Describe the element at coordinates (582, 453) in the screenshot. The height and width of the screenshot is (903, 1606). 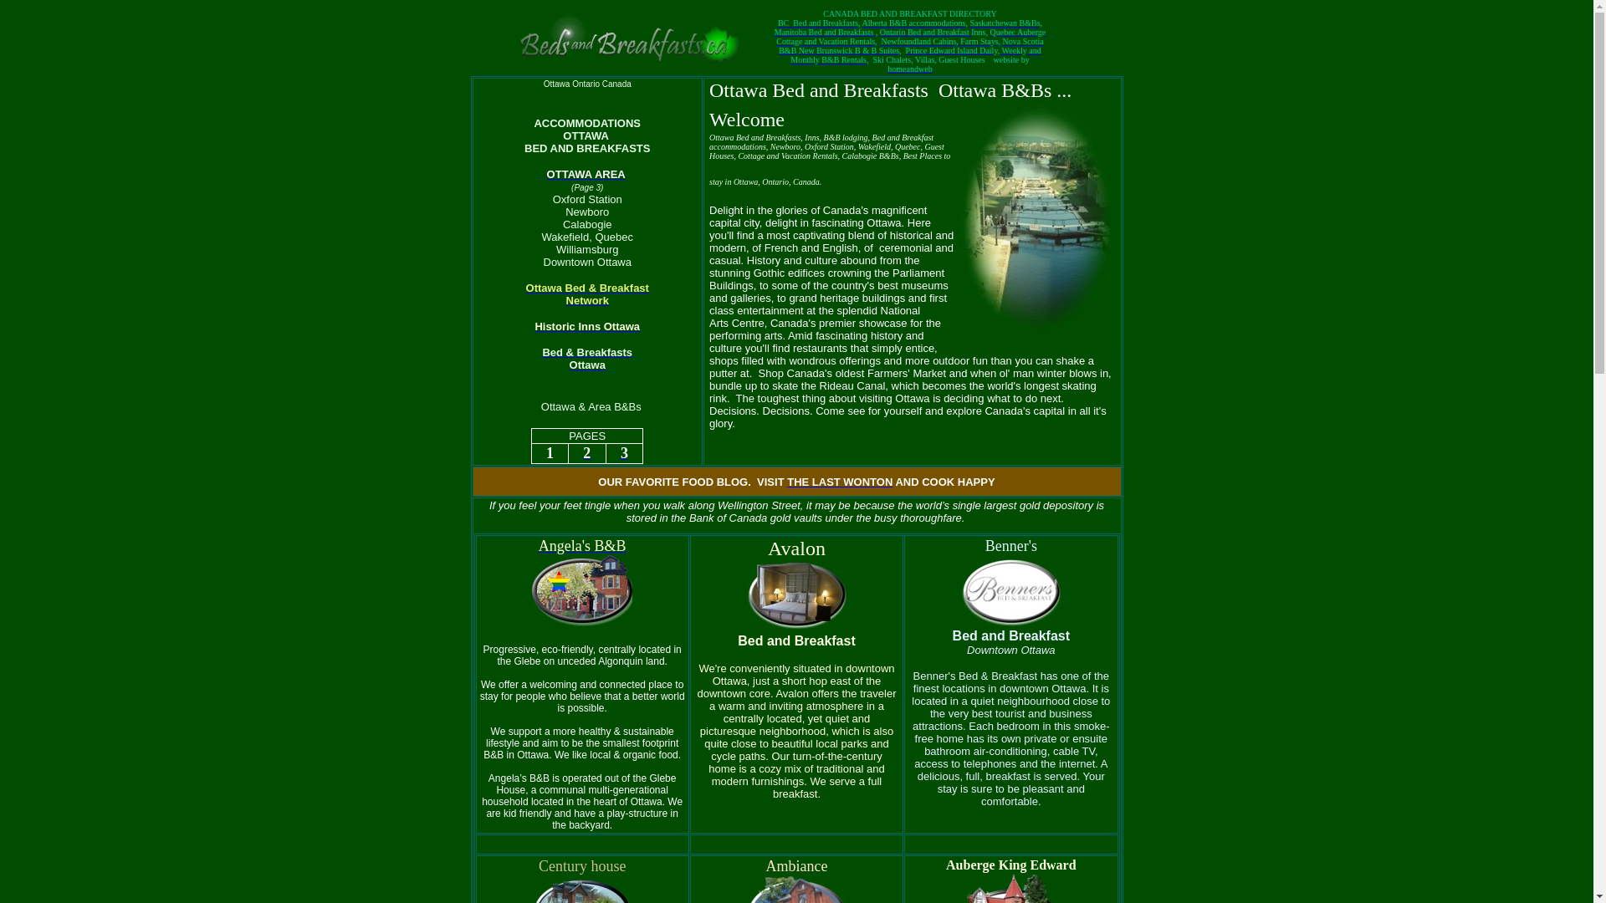
I see `'2'` at that location.